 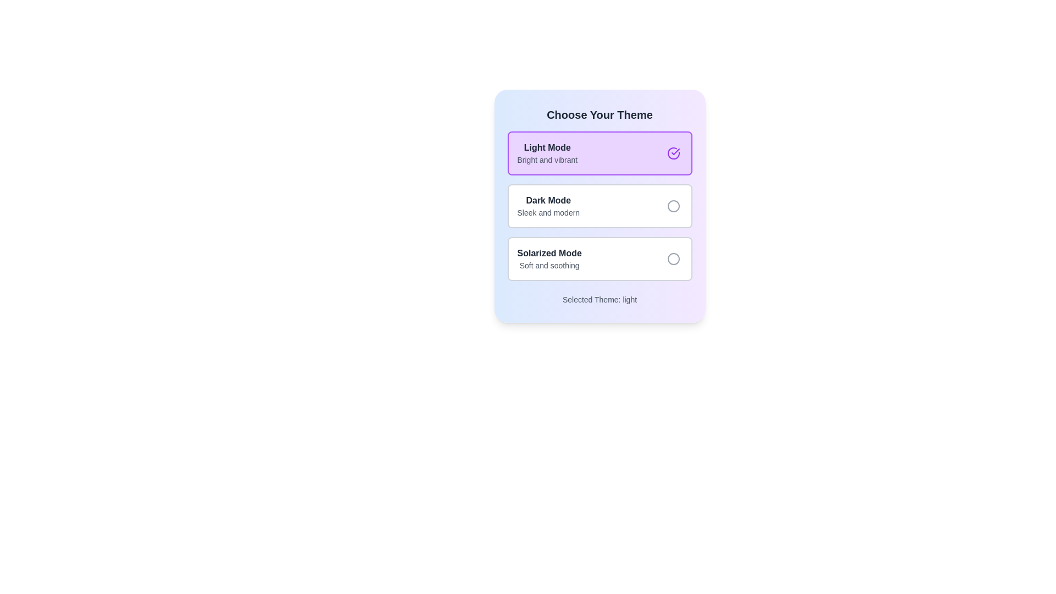 I want to click on the radio button for the 'Dark Mode' option located within the 'Choose Your Theme' group, so click(x=673, y=206).